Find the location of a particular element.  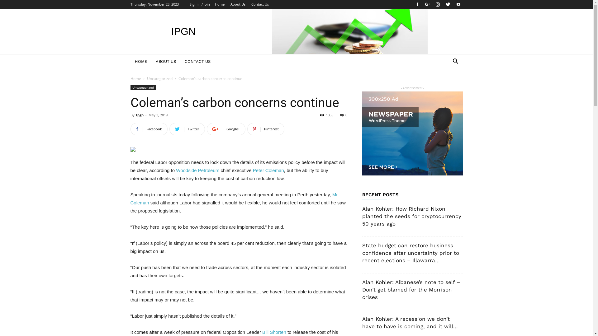

'Home' is located at coordinates (220, 4).